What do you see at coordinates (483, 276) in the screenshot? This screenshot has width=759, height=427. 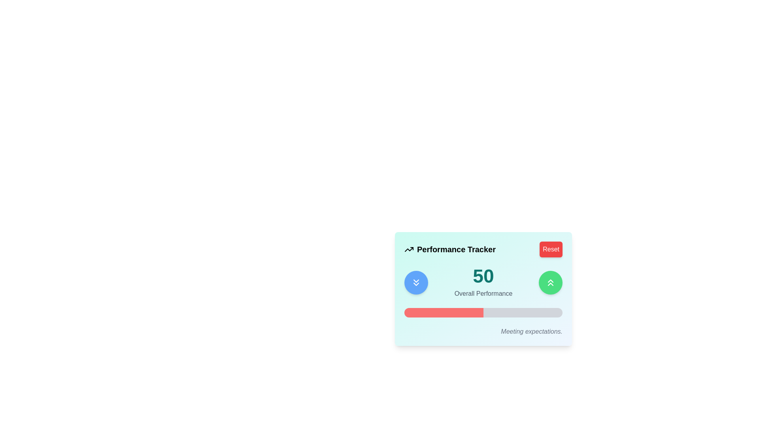 I see `numerical value displayed in the text element located at the center of the Performance Tracker card, positioned above the 'Overall Performance' text` at bounding box center [483, 276].